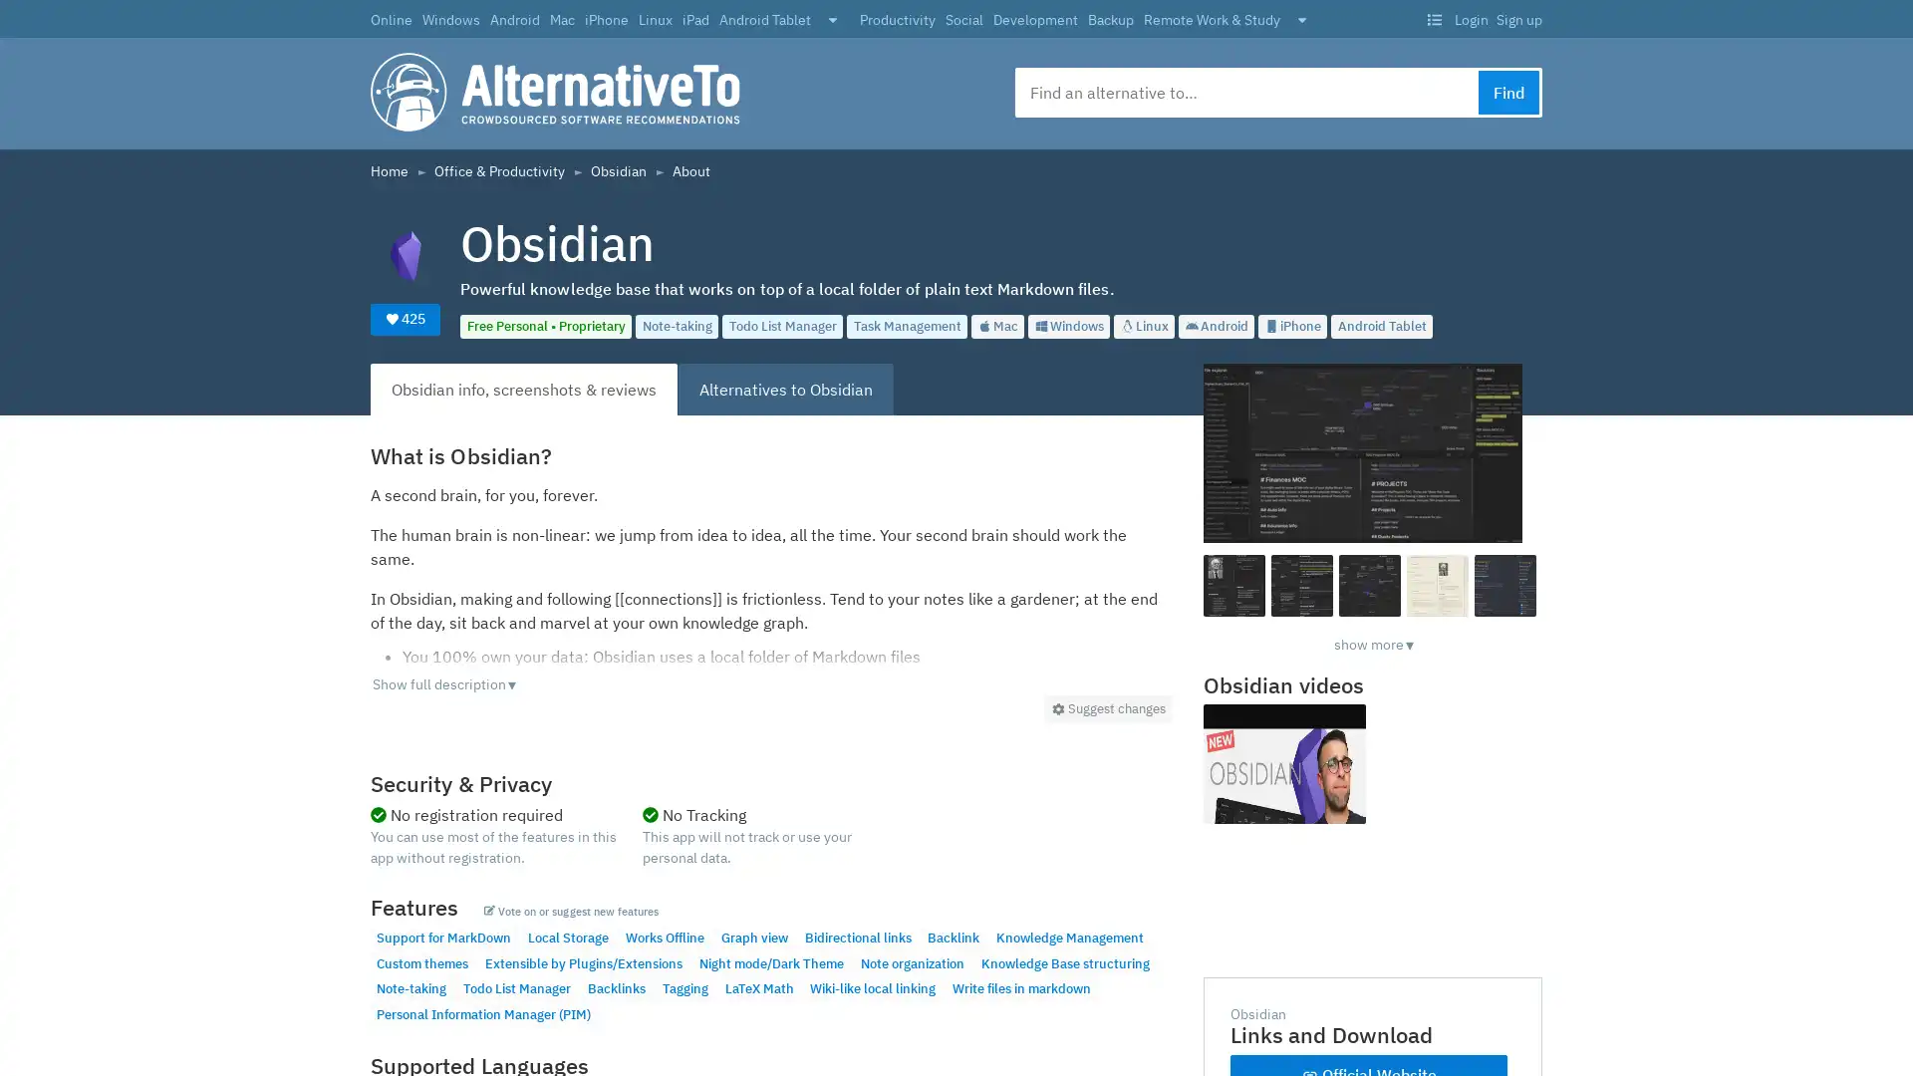 This screenshot has width=1913, height=1076. I want to click on 425, so click(405, 318).